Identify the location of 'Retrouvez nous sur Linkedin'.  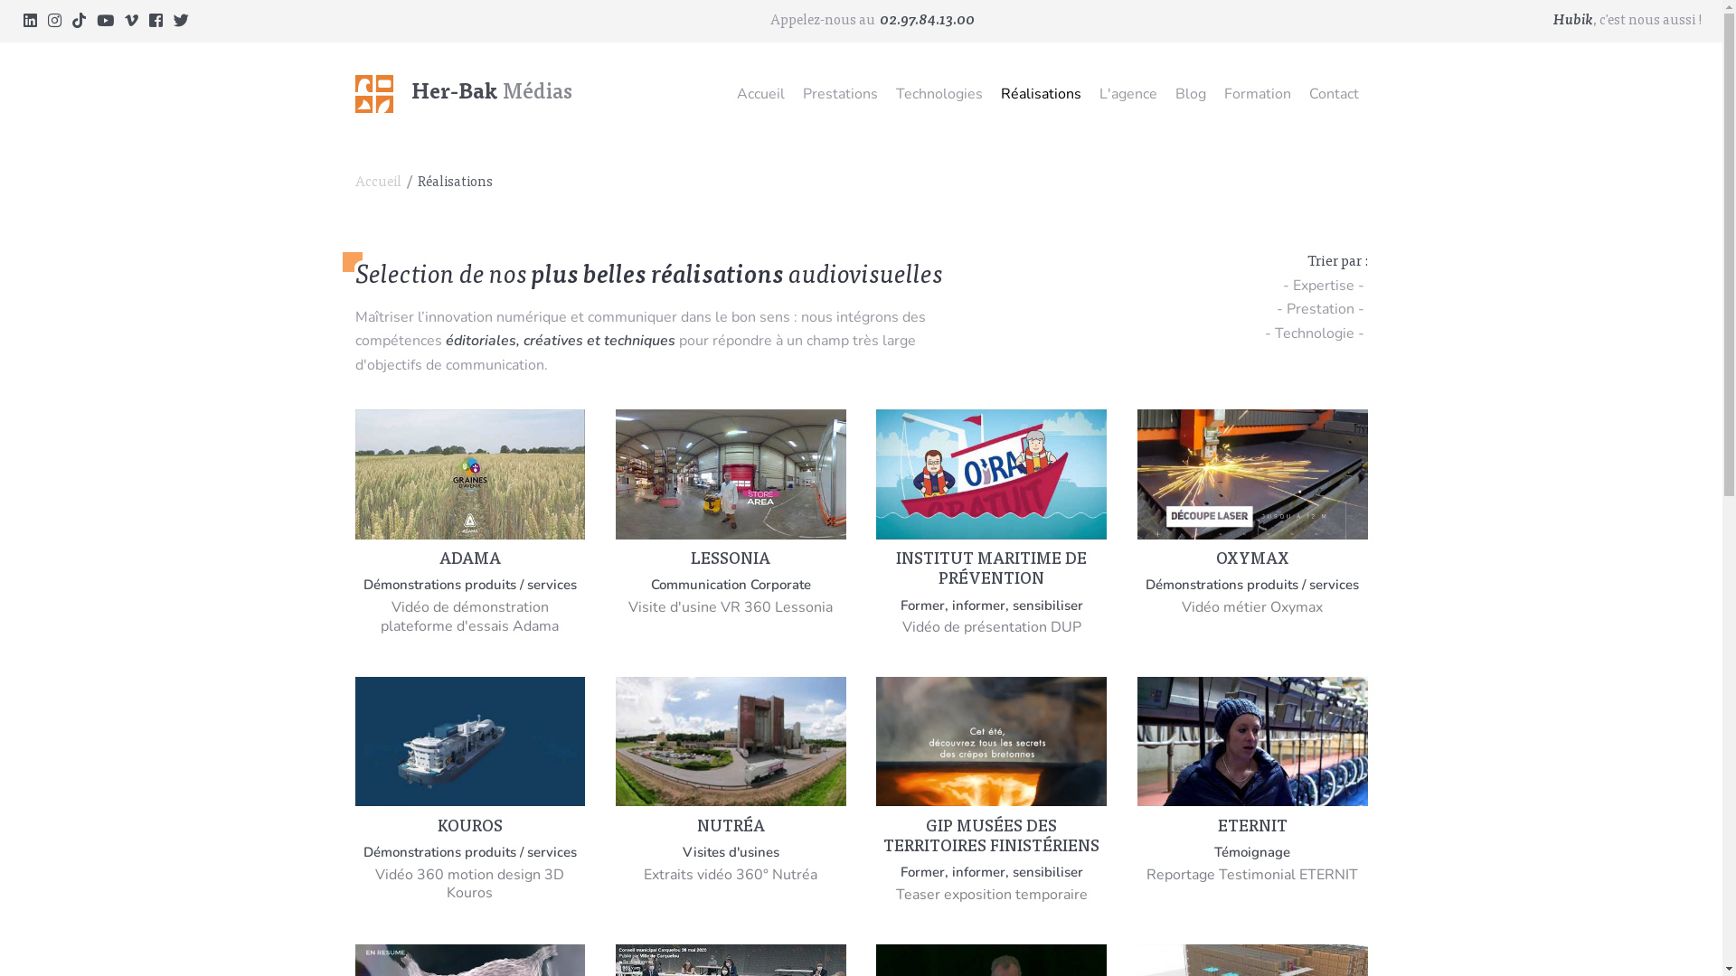
(30, 20).